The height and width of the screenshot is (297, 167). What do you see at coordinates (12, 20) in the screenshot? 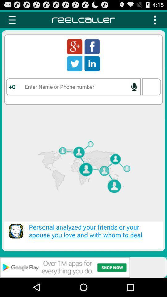
I see `menu button` at bounding box center [12, 20].